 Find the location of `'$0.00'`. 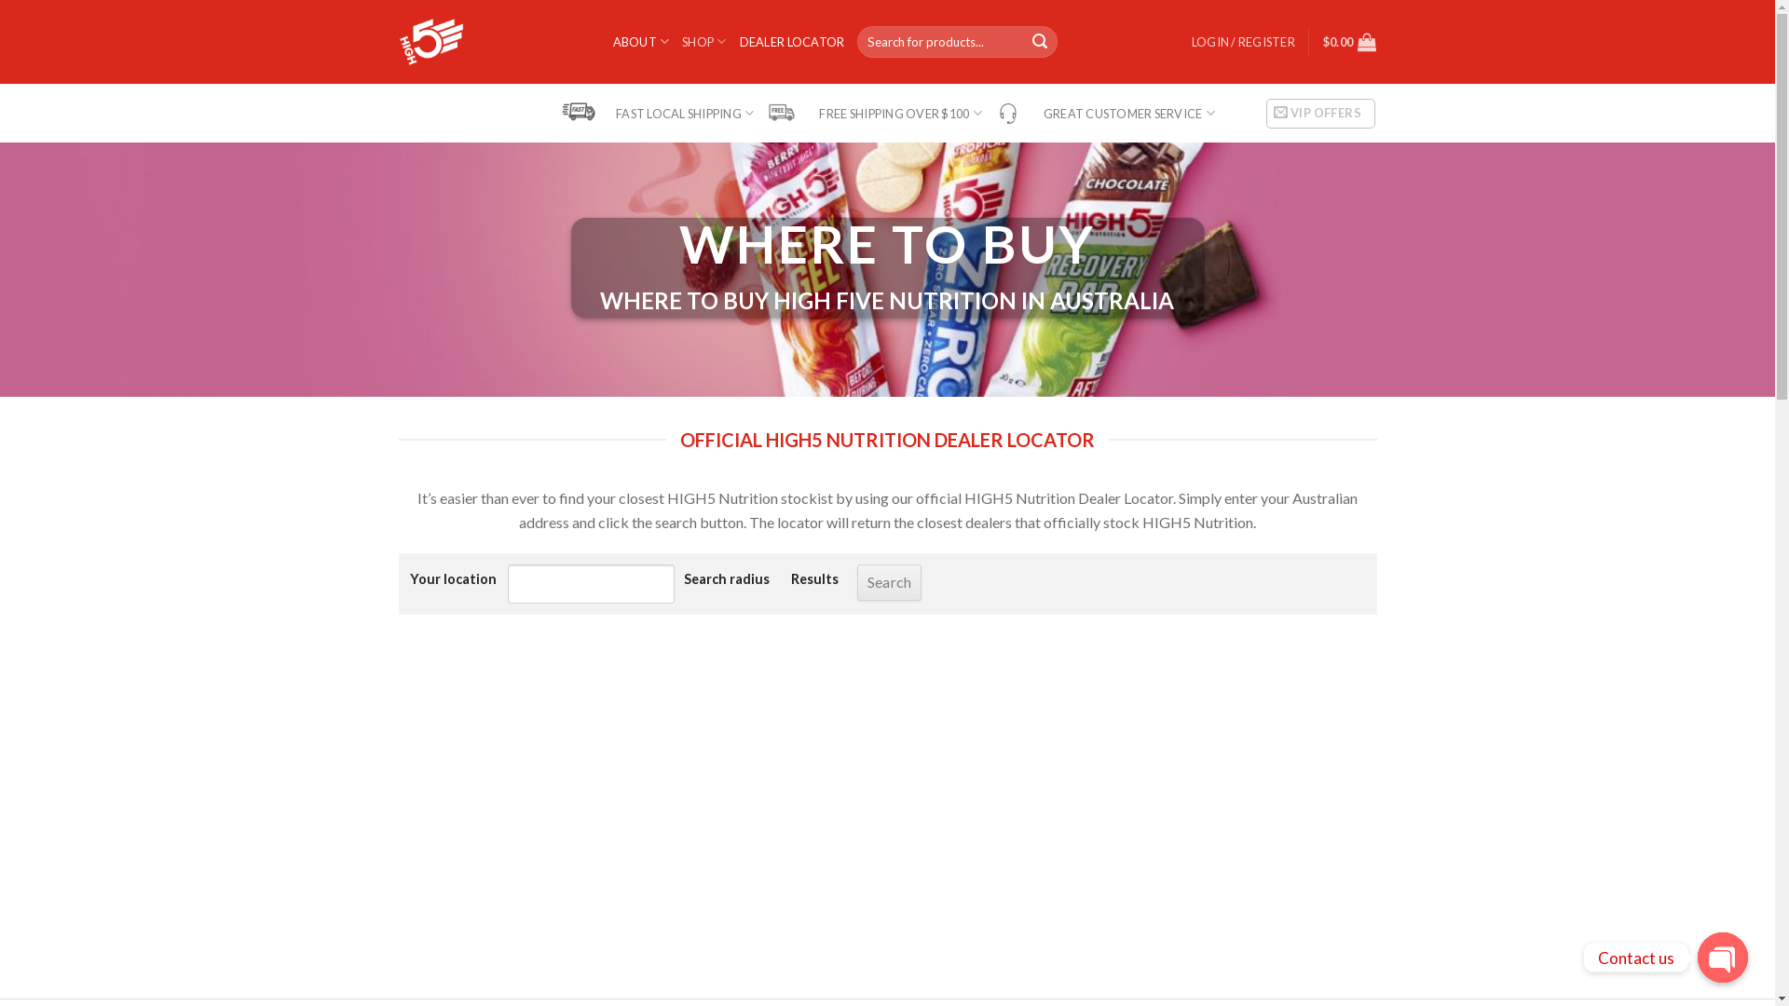

'$0.00' is located at coordinates (1350, 42).